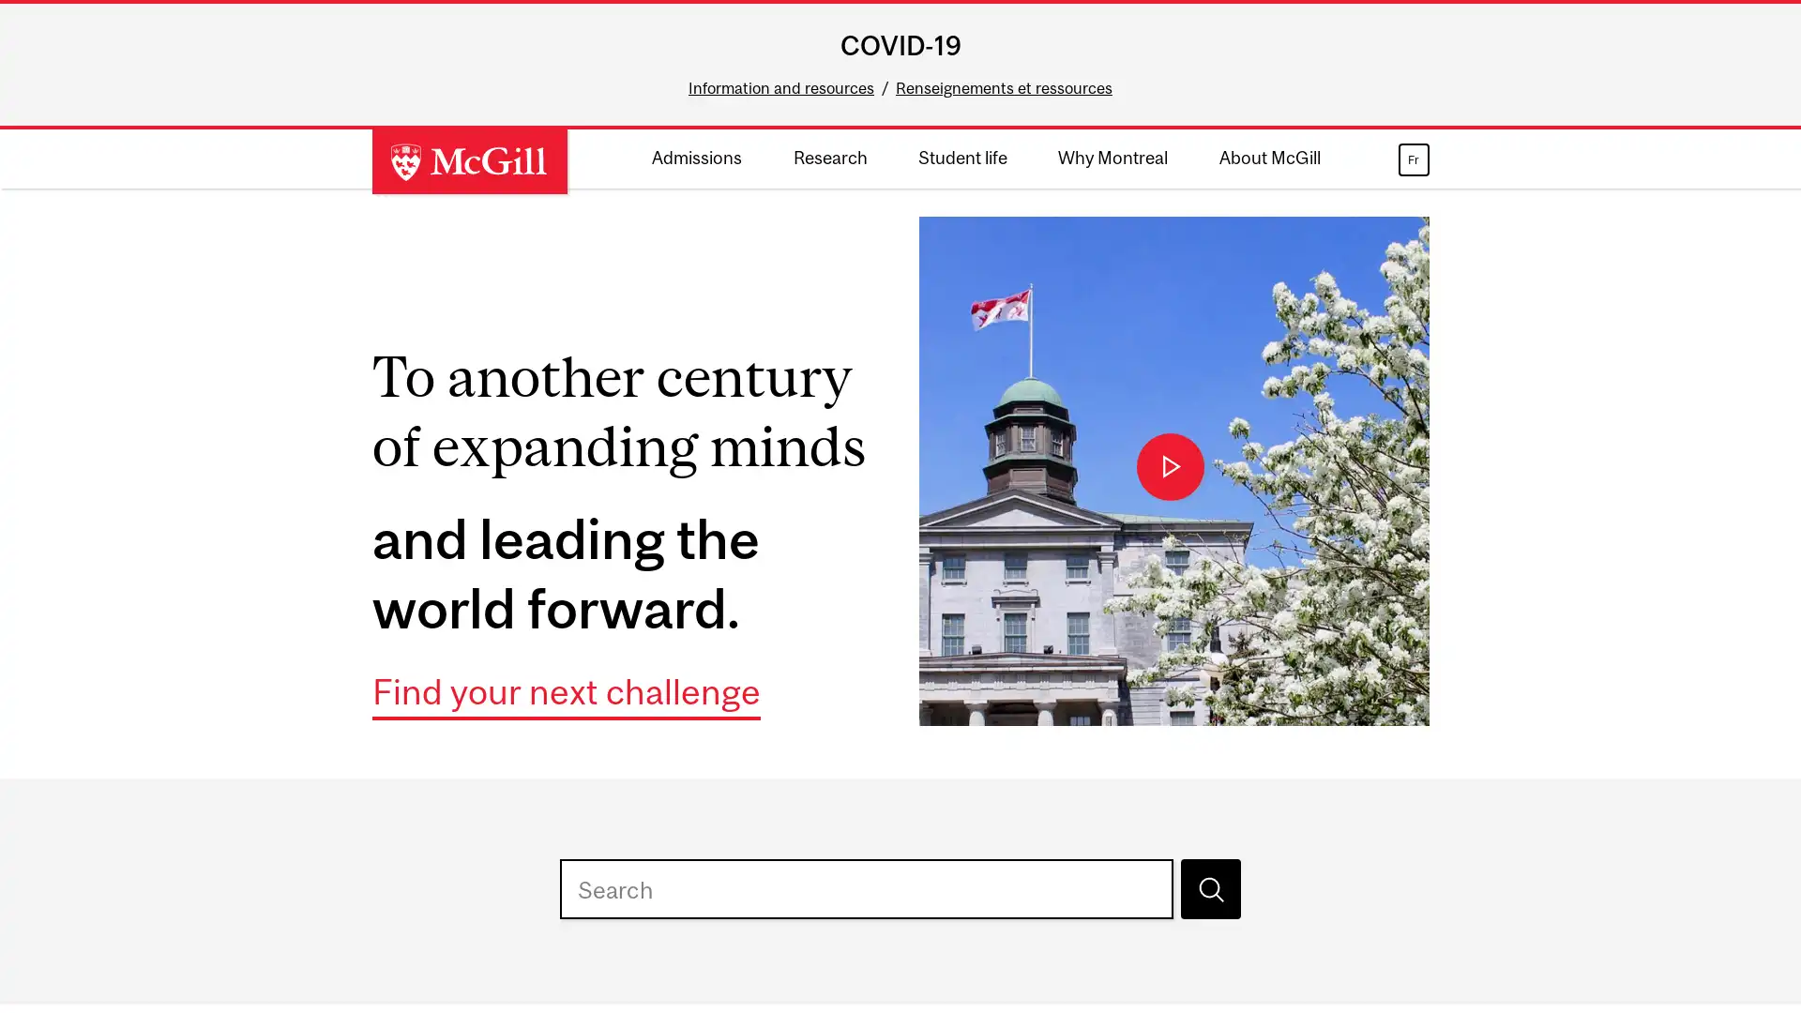  Describe the element at coordinates (696, 157) in the screenshot. I see `Admissions` at that location.